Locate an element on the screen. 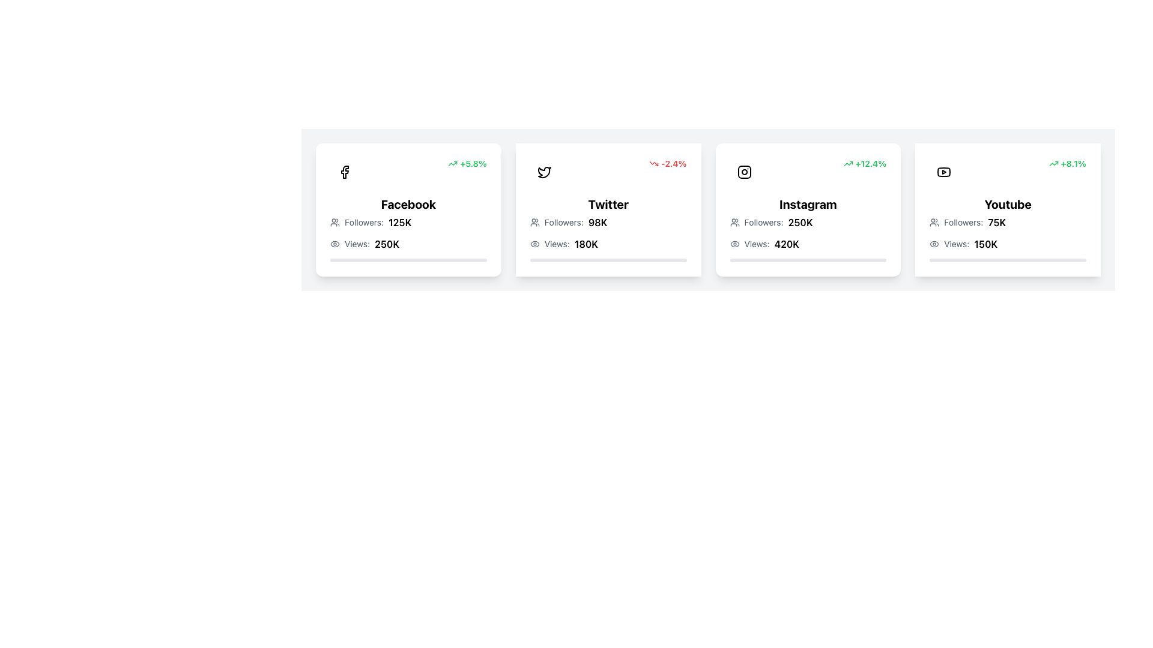  the filled portion of the progress bar located beneath the 'Views: 250K' text in the first card labeled 'Facebook' is located at coordinates (377, 260).